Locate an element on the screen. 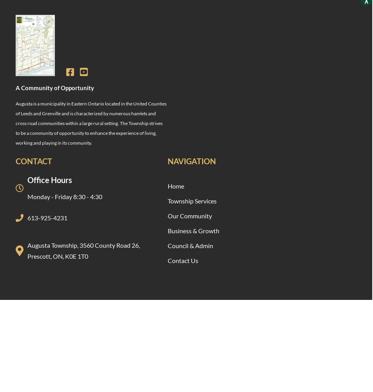 The image size is (373, 392). 'Augusta Township, 3560 County Road 26, Prescott, ON, K0E 1T0' is located at coordinates (83, 250).